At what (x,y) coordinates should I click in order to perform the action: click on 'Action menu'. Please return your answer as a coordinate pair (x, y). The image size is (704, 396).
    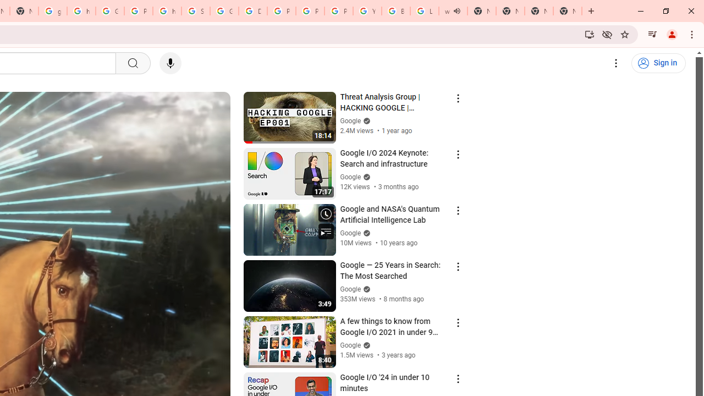
    Looking at the image, I should click on (458, 378).